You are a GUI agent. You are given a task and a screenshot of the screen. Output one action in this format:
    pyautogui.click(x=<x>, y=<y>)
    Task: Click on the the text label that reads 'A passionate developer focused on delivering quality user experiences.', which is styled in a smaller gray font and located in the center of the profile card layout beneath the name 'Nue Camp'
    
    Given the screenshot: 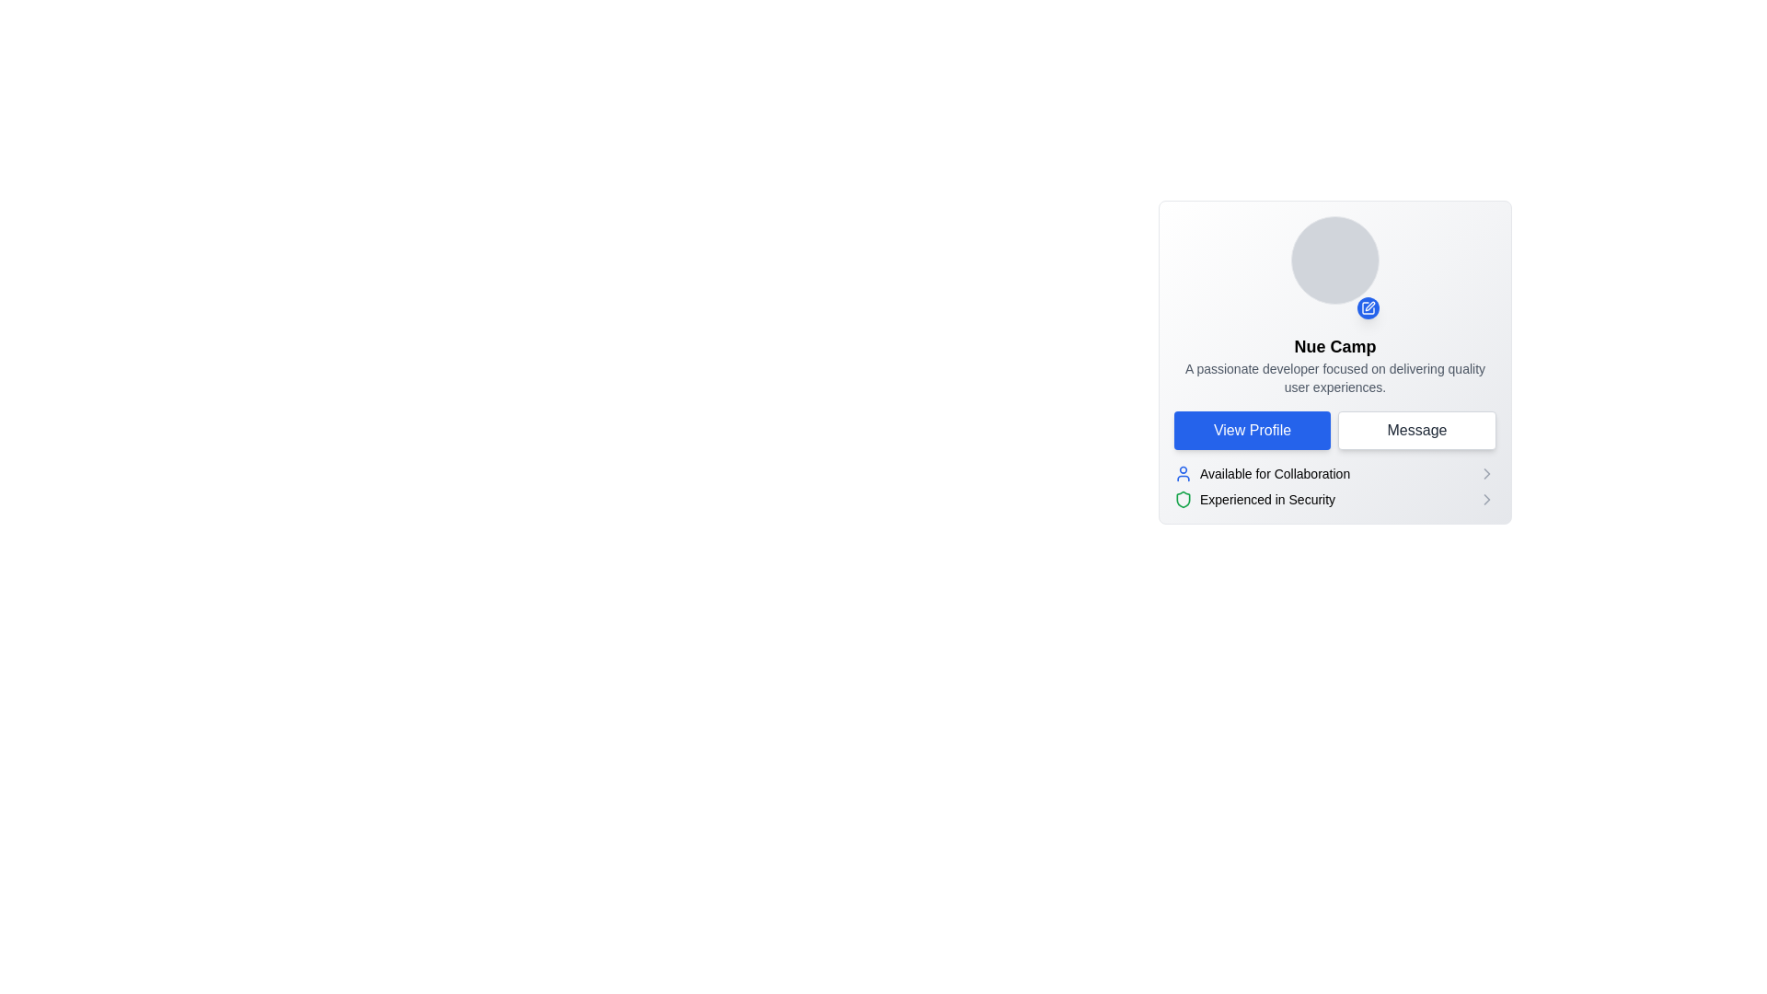 What is the action you would take?
    pyautogui.click(x=1334, y=377)
    